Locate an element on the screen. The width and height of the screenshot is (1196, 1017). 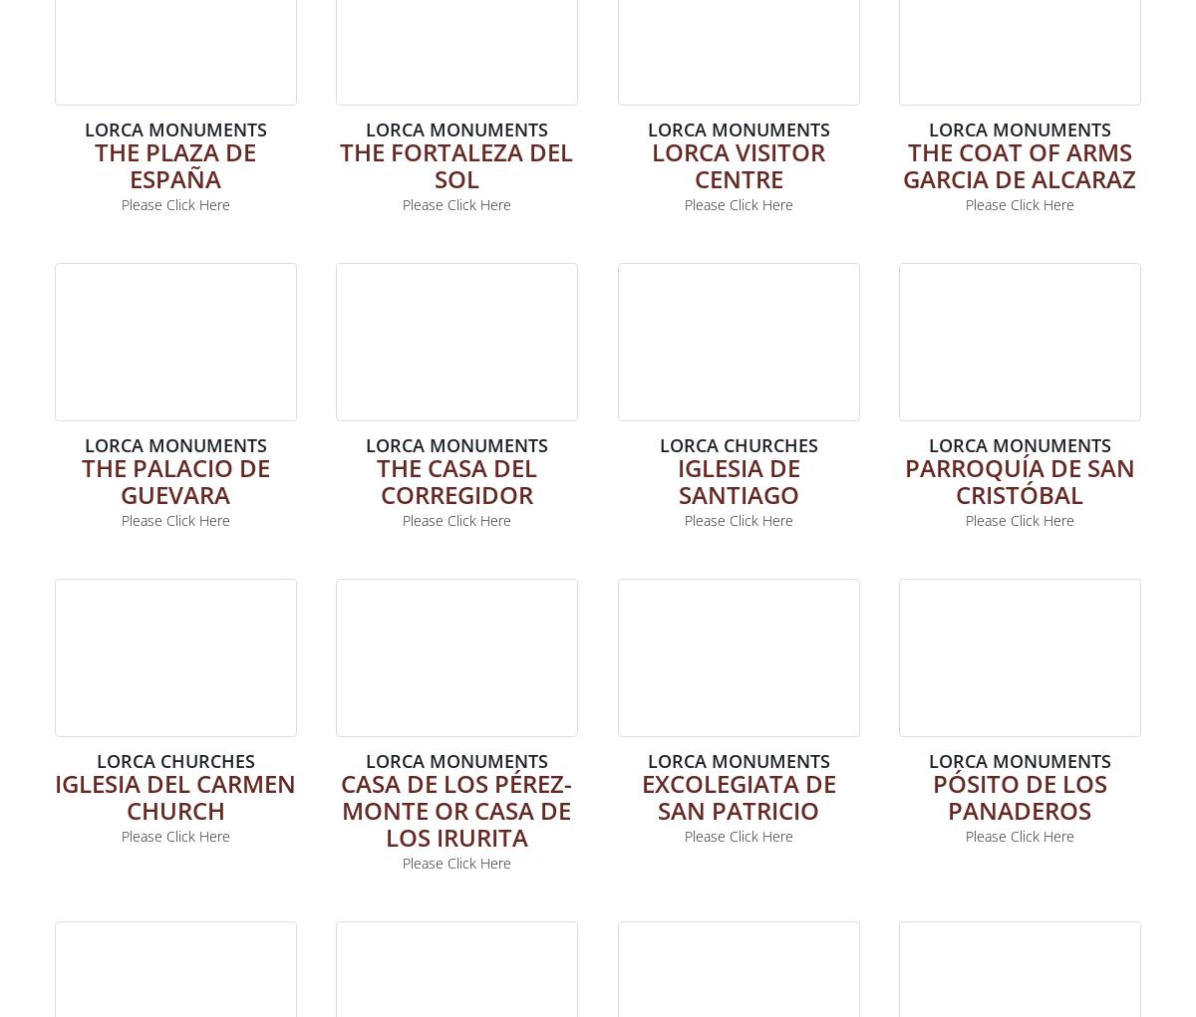
'THE COAT OF ARMS GARCIA DE ALCARAZ' is located at coordinates (903, 162).